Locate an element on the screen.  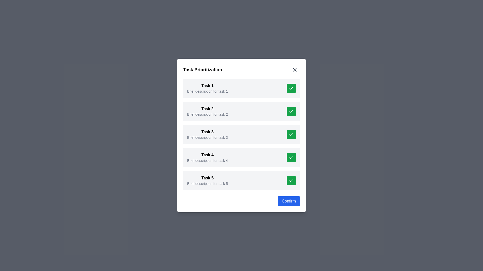
the fifth task informational block that displays the title and summary, positioned below 'Task 4' and above the 'Confirm' button is located at coordinates (208, 181).